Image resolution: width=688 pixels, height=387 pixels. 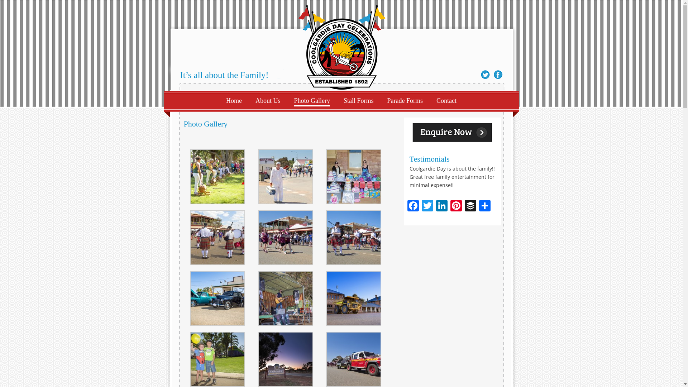 I want to click on 'Parade Forms', so click(x=405, y=101).